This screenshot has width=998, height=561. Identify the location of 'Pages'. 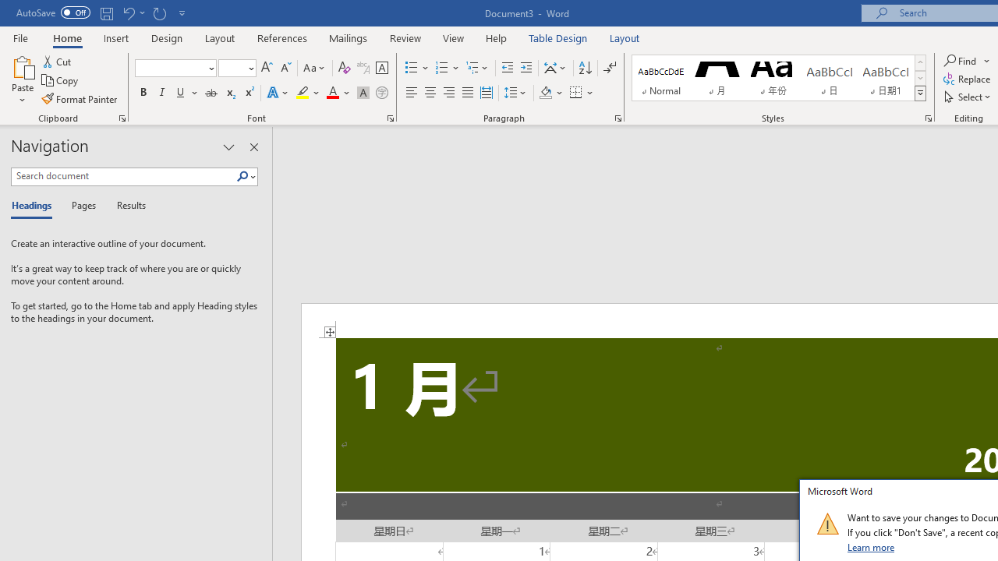
(81, 206).